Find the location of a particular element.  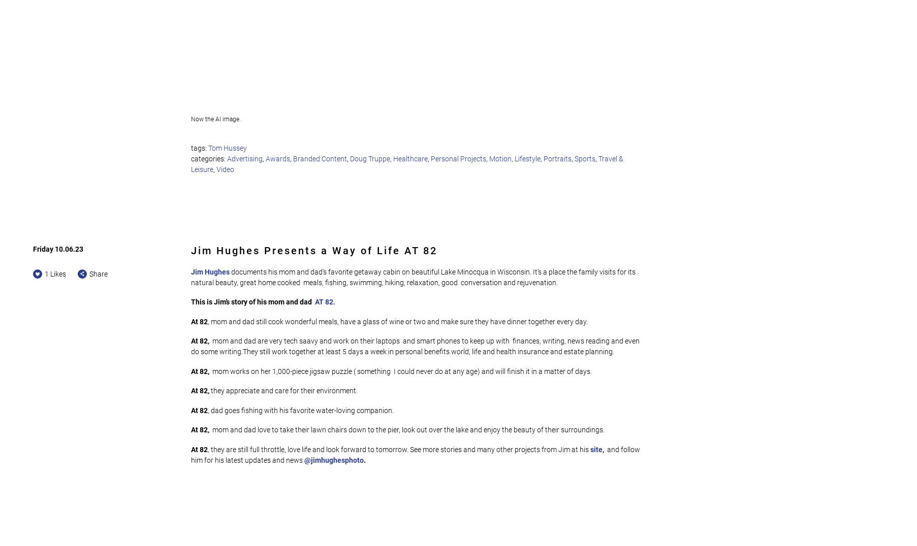

'Healthcare' is located at coordinates (393, 158).